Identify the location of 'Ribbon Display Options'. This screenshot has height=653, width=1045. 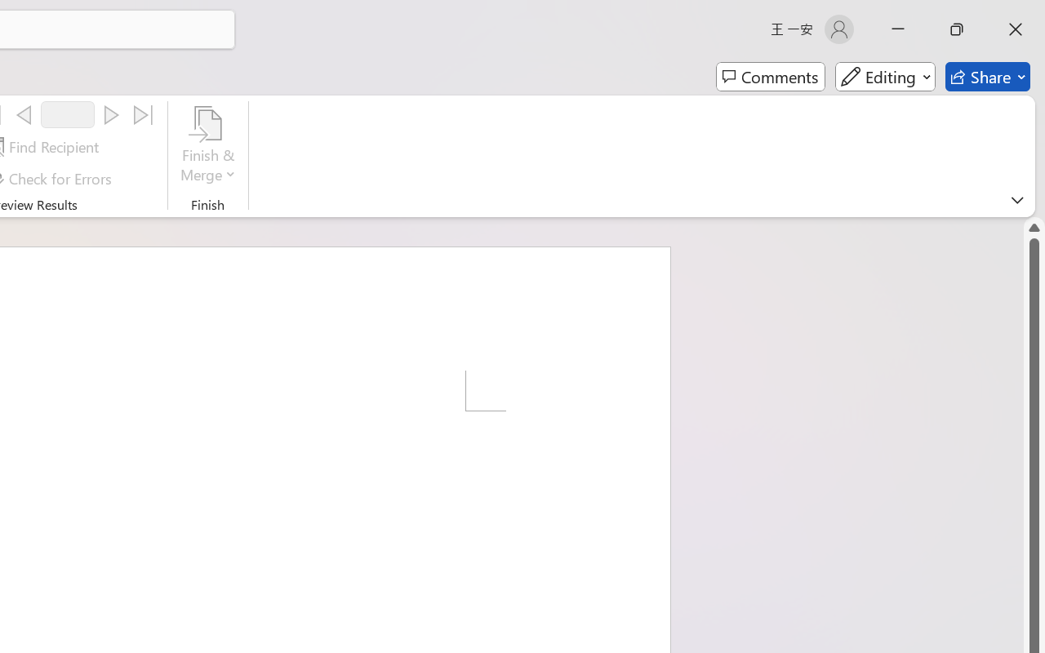
(1016, 199).